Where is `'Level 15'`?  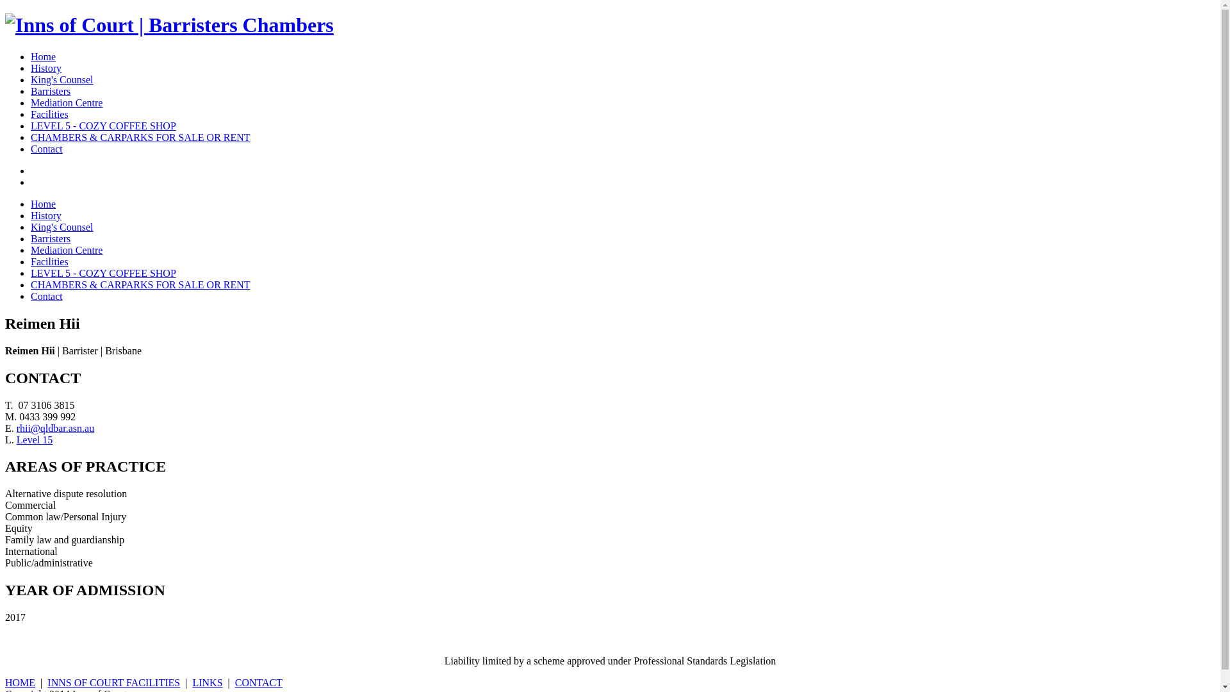
'Level 15' is located at coordinates (34, 439).